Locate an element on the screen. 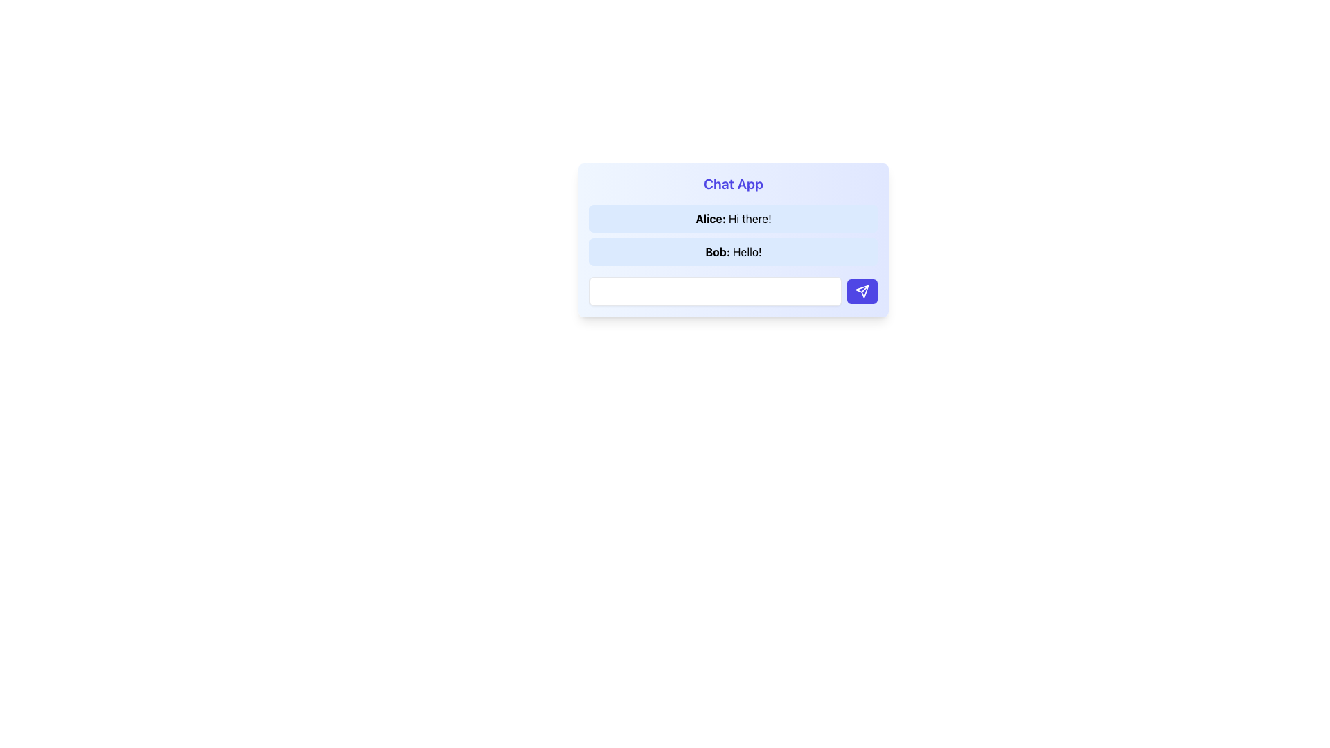  the static text label that serves as the header for the chat application, located at the top of the dialog box is located at coordinates (733, 184).